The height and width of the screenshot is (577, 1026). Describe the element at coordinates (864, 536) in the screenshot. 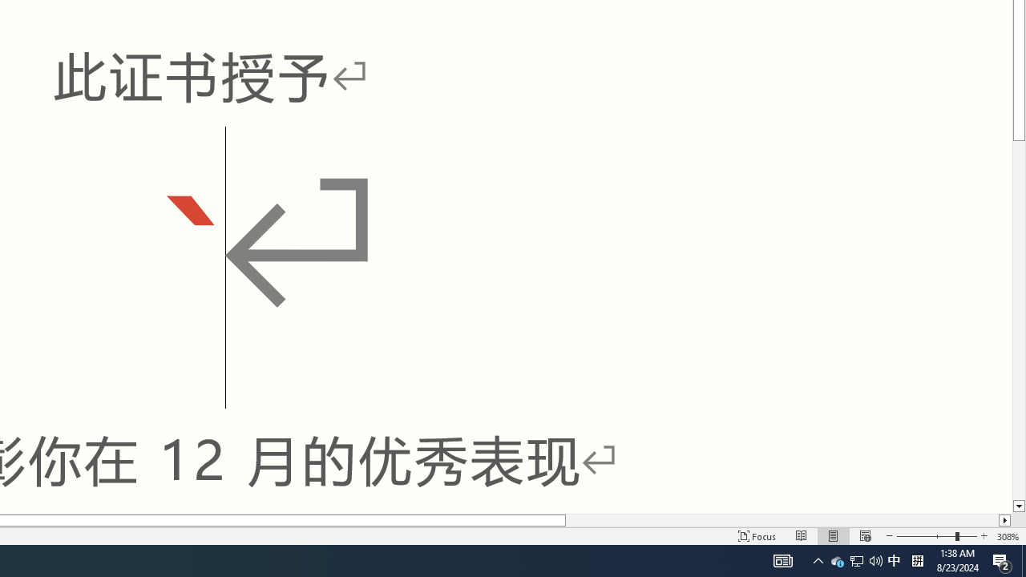

I see `'Web Layout'` at that location.